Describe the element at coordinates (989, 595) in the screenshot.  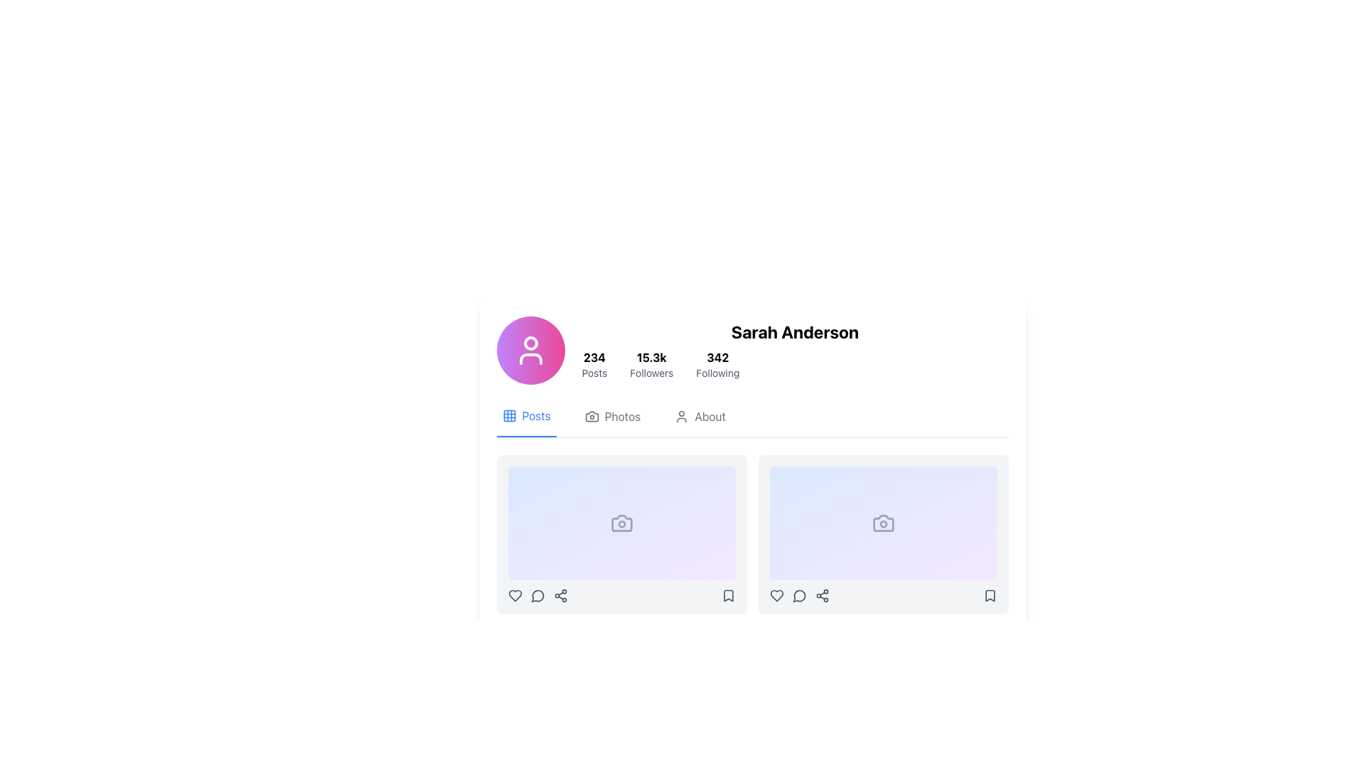
I see `the bookmark icon button located at the bottom-right corner of the second post card to observe the color transition effect` at that location.